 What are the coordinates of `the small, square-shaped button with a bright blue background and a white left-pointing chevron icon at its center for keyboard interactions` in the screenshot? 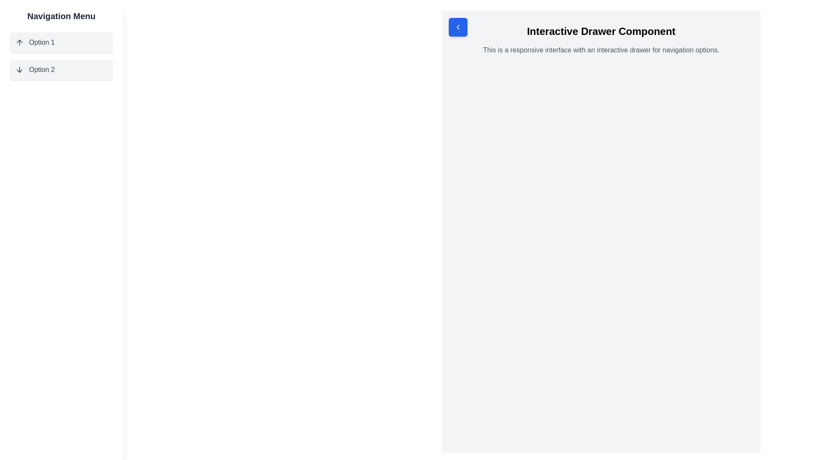 It's located at (458, 27).